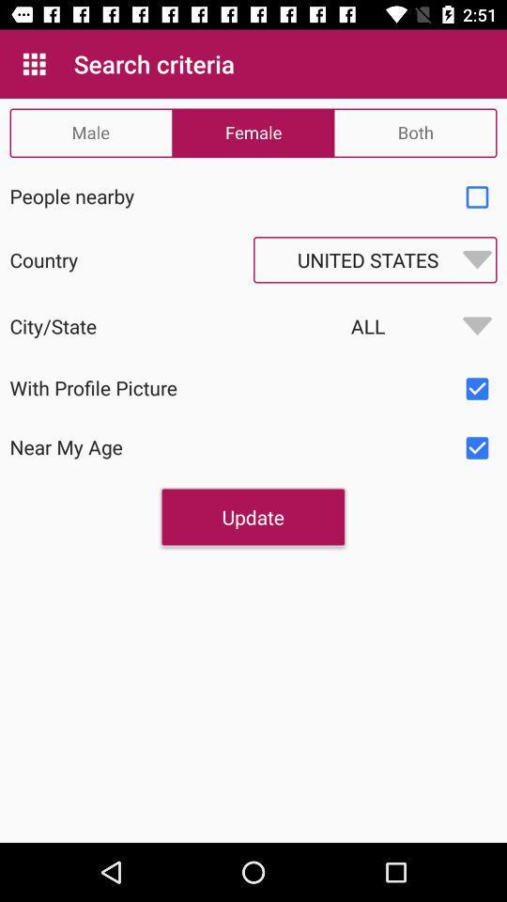 Image resolution: width=507 pixels, height=902 pixels. I want to click on the app to the left of search criteria, so click(34, 64).